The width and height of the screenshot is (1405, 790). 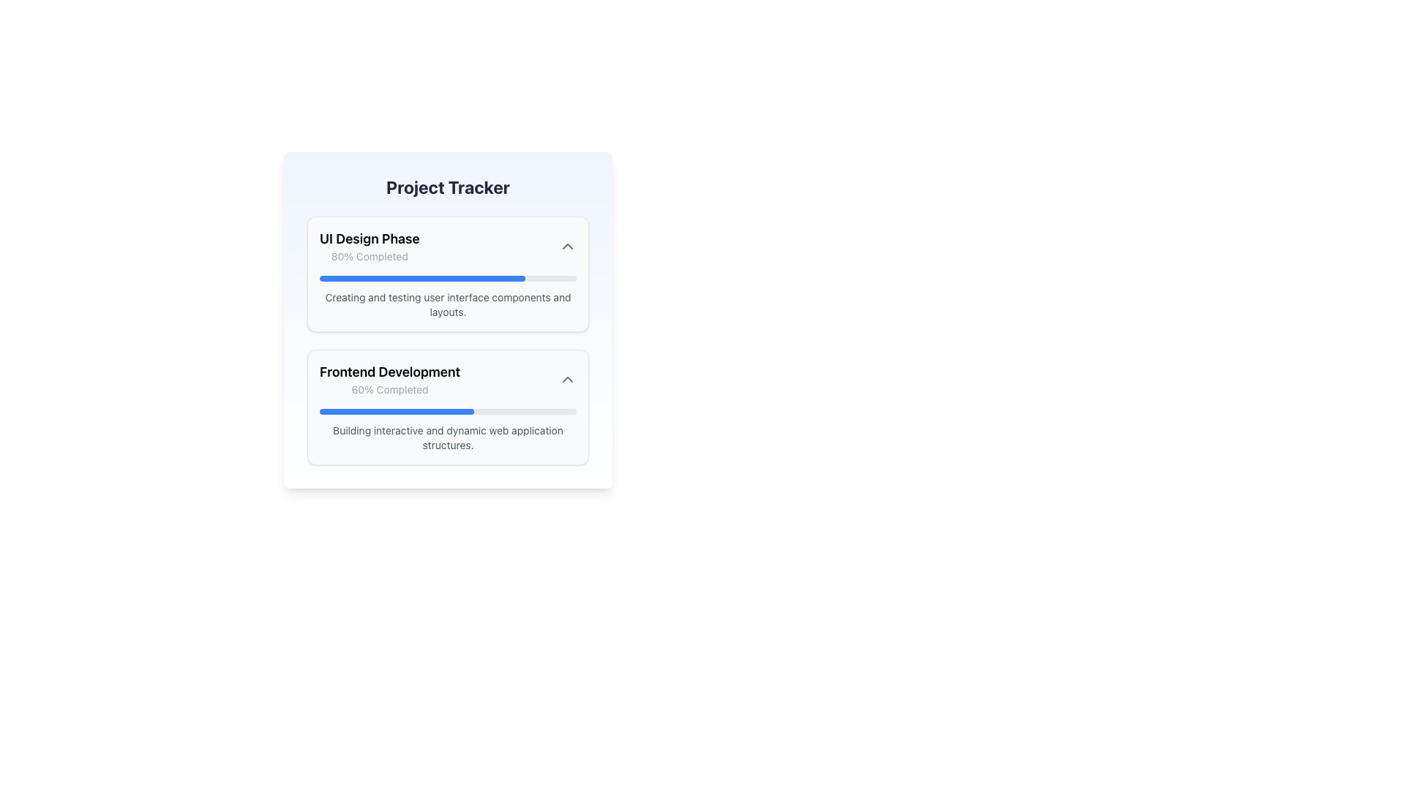 I want to click on the blue progress bar section that occupies 60% of the width in the 'Frontend Development' section of the project tracker, so click(x=397, y=412).